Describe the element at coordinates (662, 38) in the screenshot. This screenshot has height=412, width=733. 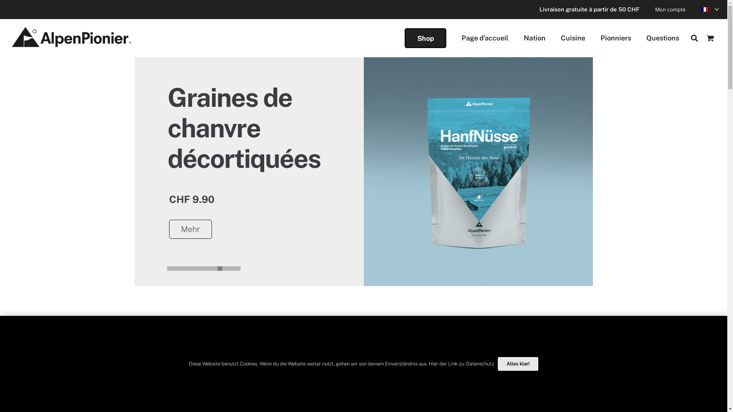
I see `'Questions'` at that location.